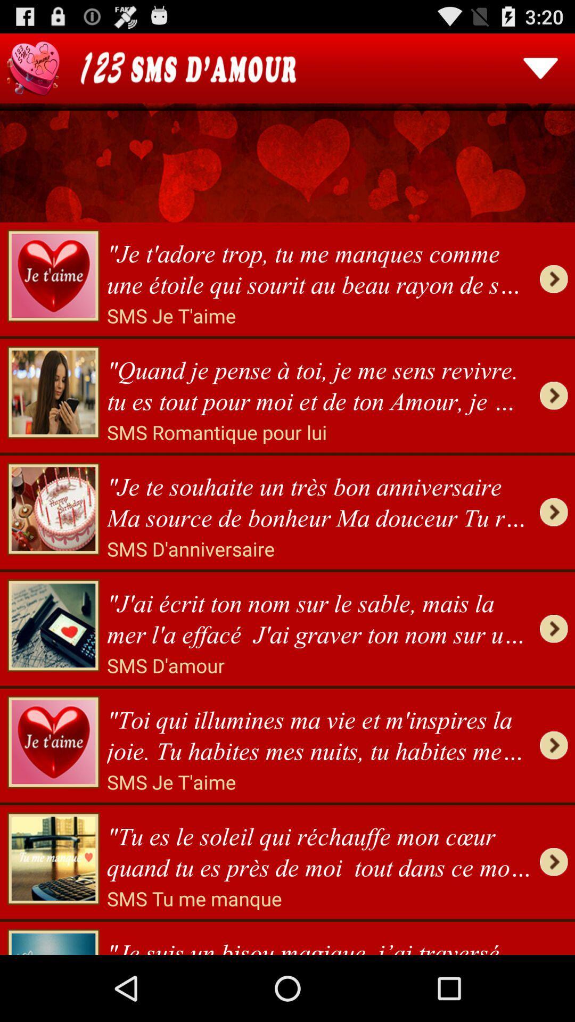  I want to click on icon below quand je pense, so click(216, 432).